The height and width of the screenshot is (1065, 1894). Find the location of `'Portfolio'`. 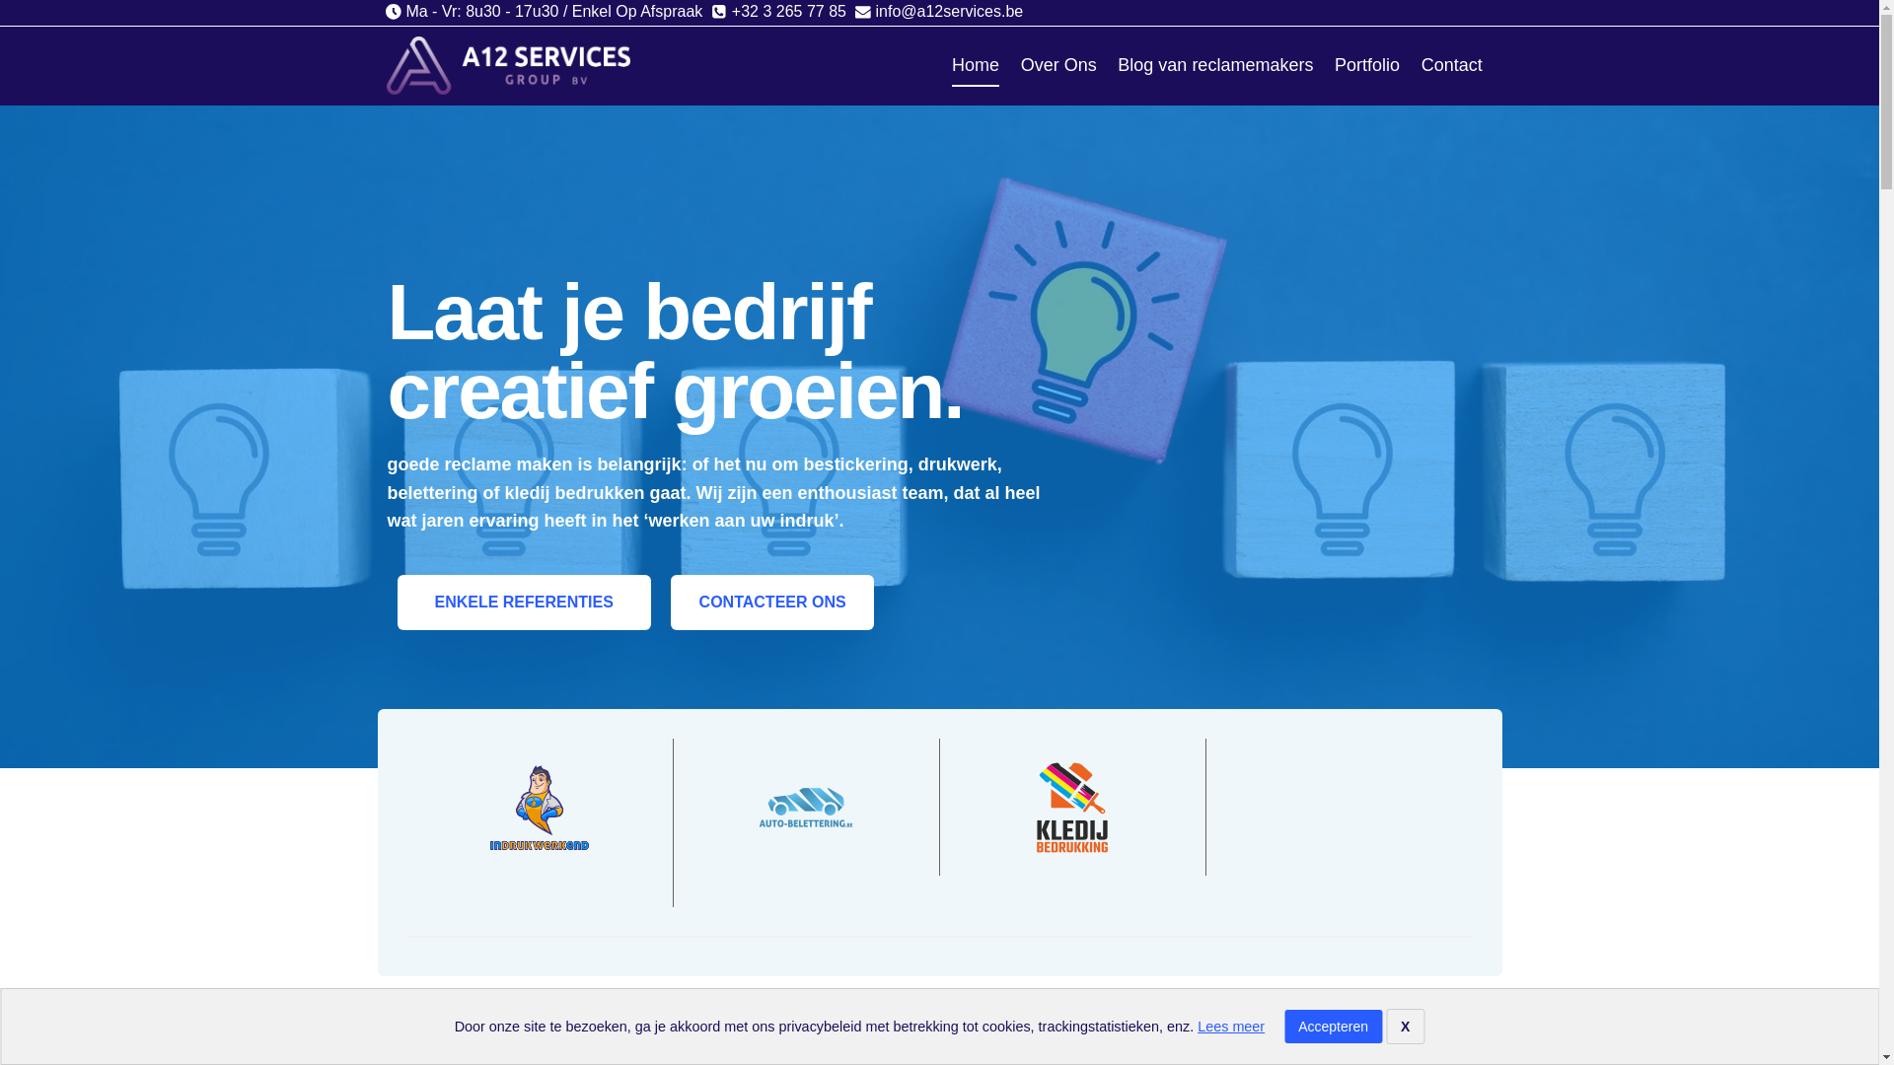

'Portfolio' is located at coordinates (1366, 64).